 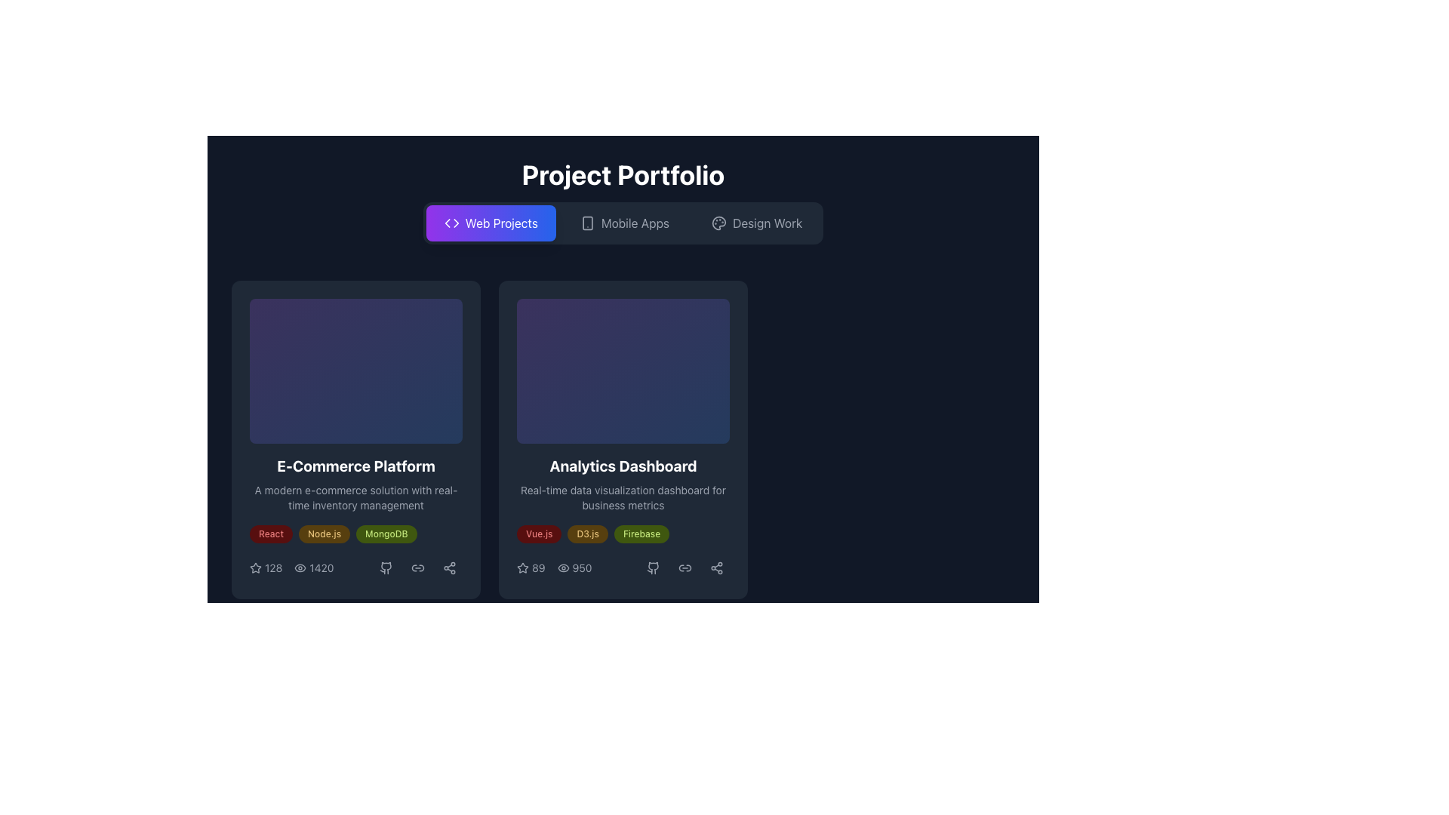 I want to click on the series of pill-shaped labels representing tags such as 'Vue.js', 'D3.js', and 'Firebase' within the 'Analytics Dashboard' card, so click(x=623, y=534).